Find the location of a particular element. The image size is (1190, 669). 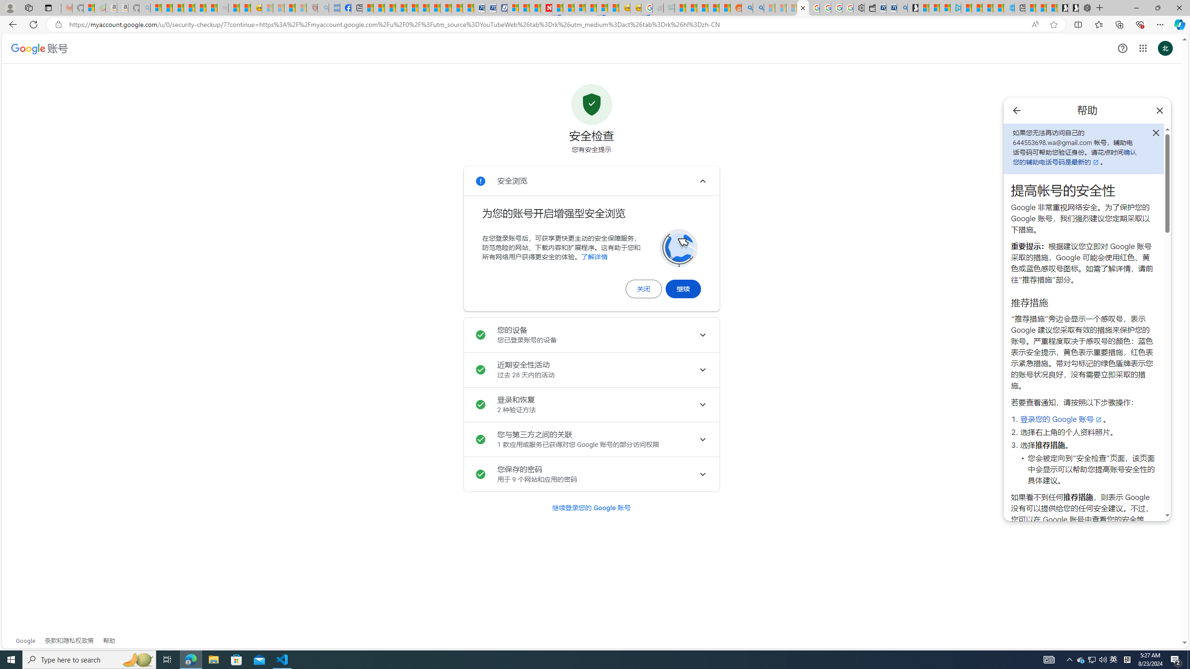

'Combat Siege - Sleeping' is located at coordinates (222, 7).